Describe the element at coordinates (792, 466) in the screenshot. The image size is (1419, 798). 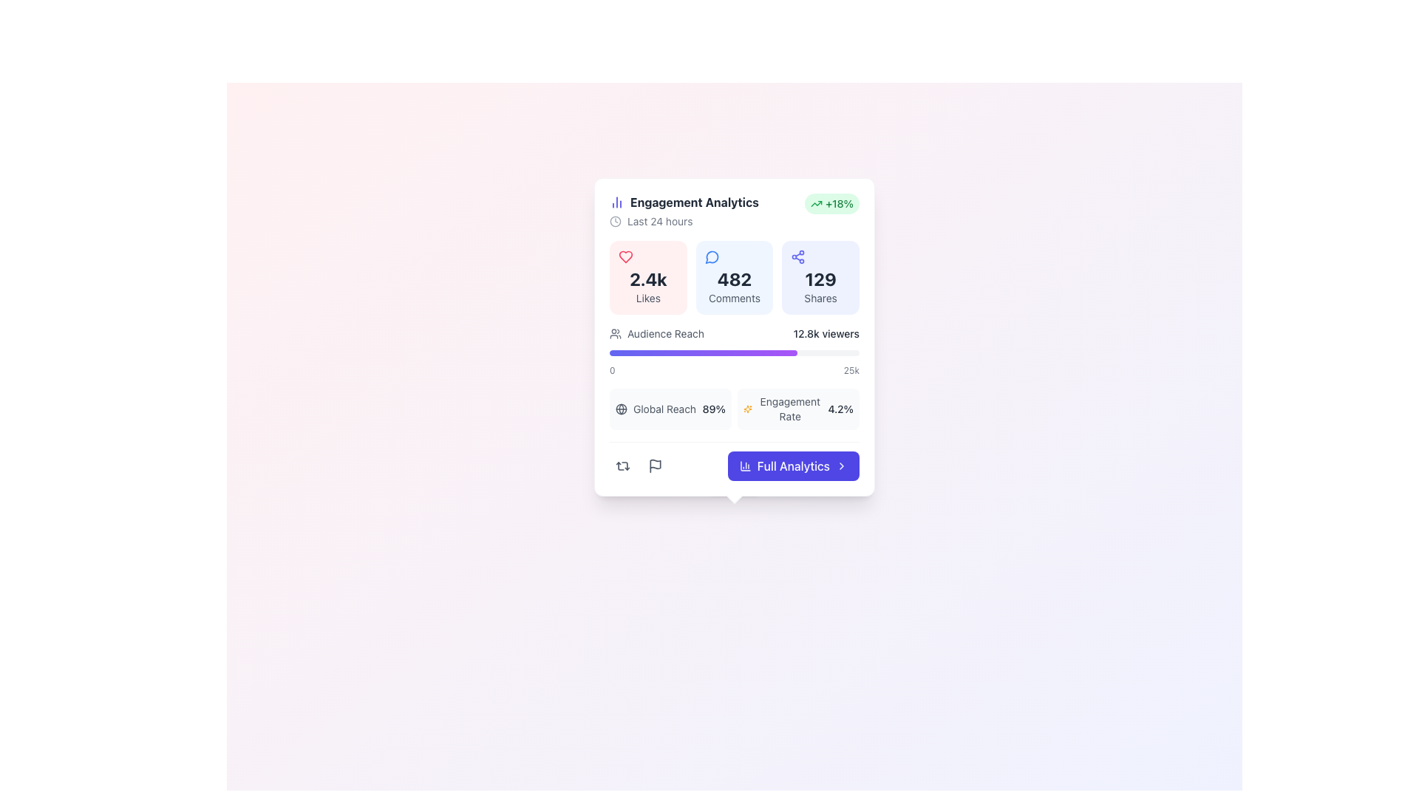
I see `the 'Full Analytics' text label, which is styled with a medium-weight font and is located inside a blue button with rounded corners at the bottom of the analytics card component` at that location.